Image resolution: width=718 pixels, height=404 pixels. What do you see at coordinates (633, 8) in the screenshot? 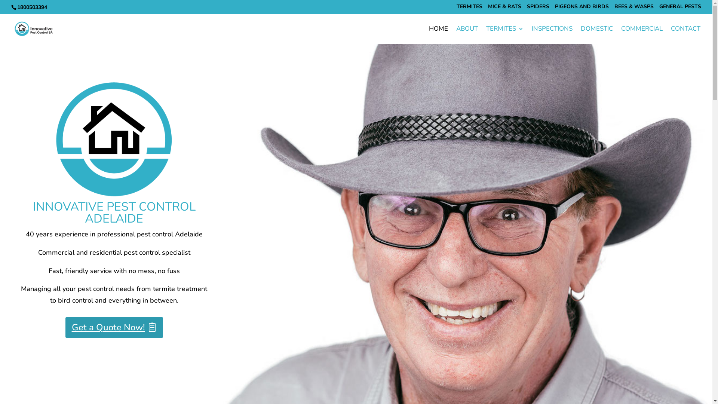
I see `'BEES & WASPS'` at bounding box center [633, 8].